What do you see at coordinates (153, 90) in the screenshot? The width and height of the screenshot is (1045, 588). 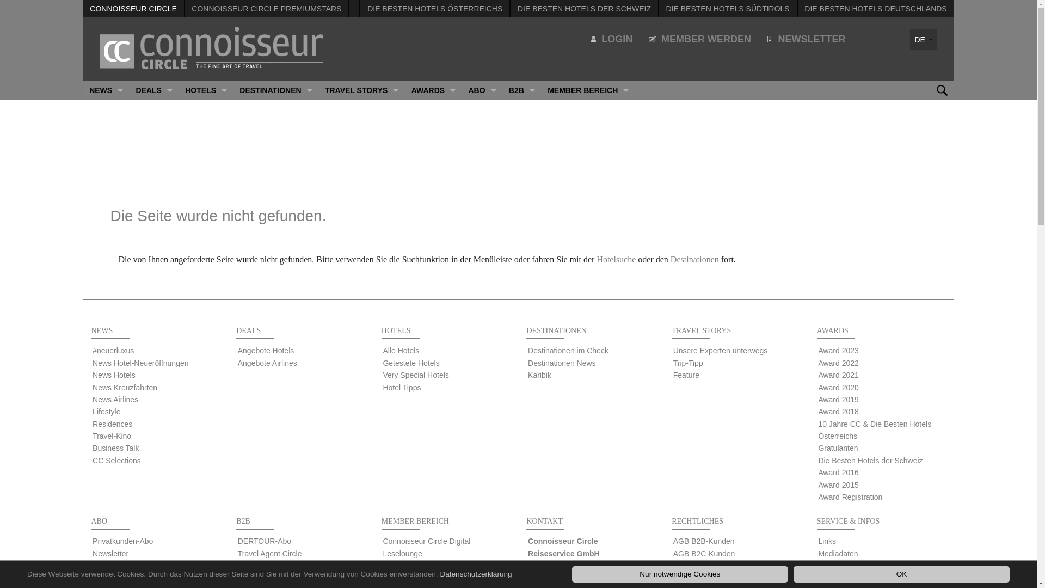 I see `'DEALS'` at bounding box center [153, 90].